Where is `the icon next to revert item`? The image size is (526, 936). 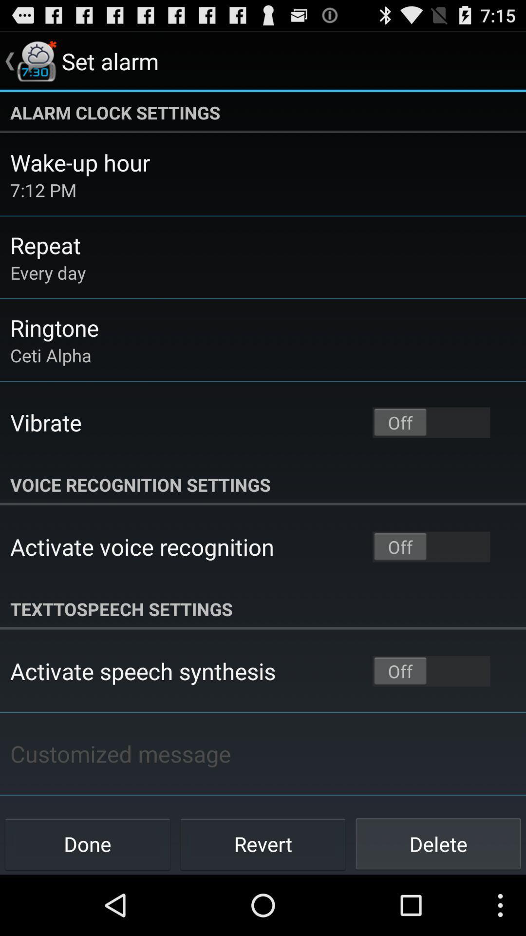
the icon next to revert item is located at coordinates (88, 843).